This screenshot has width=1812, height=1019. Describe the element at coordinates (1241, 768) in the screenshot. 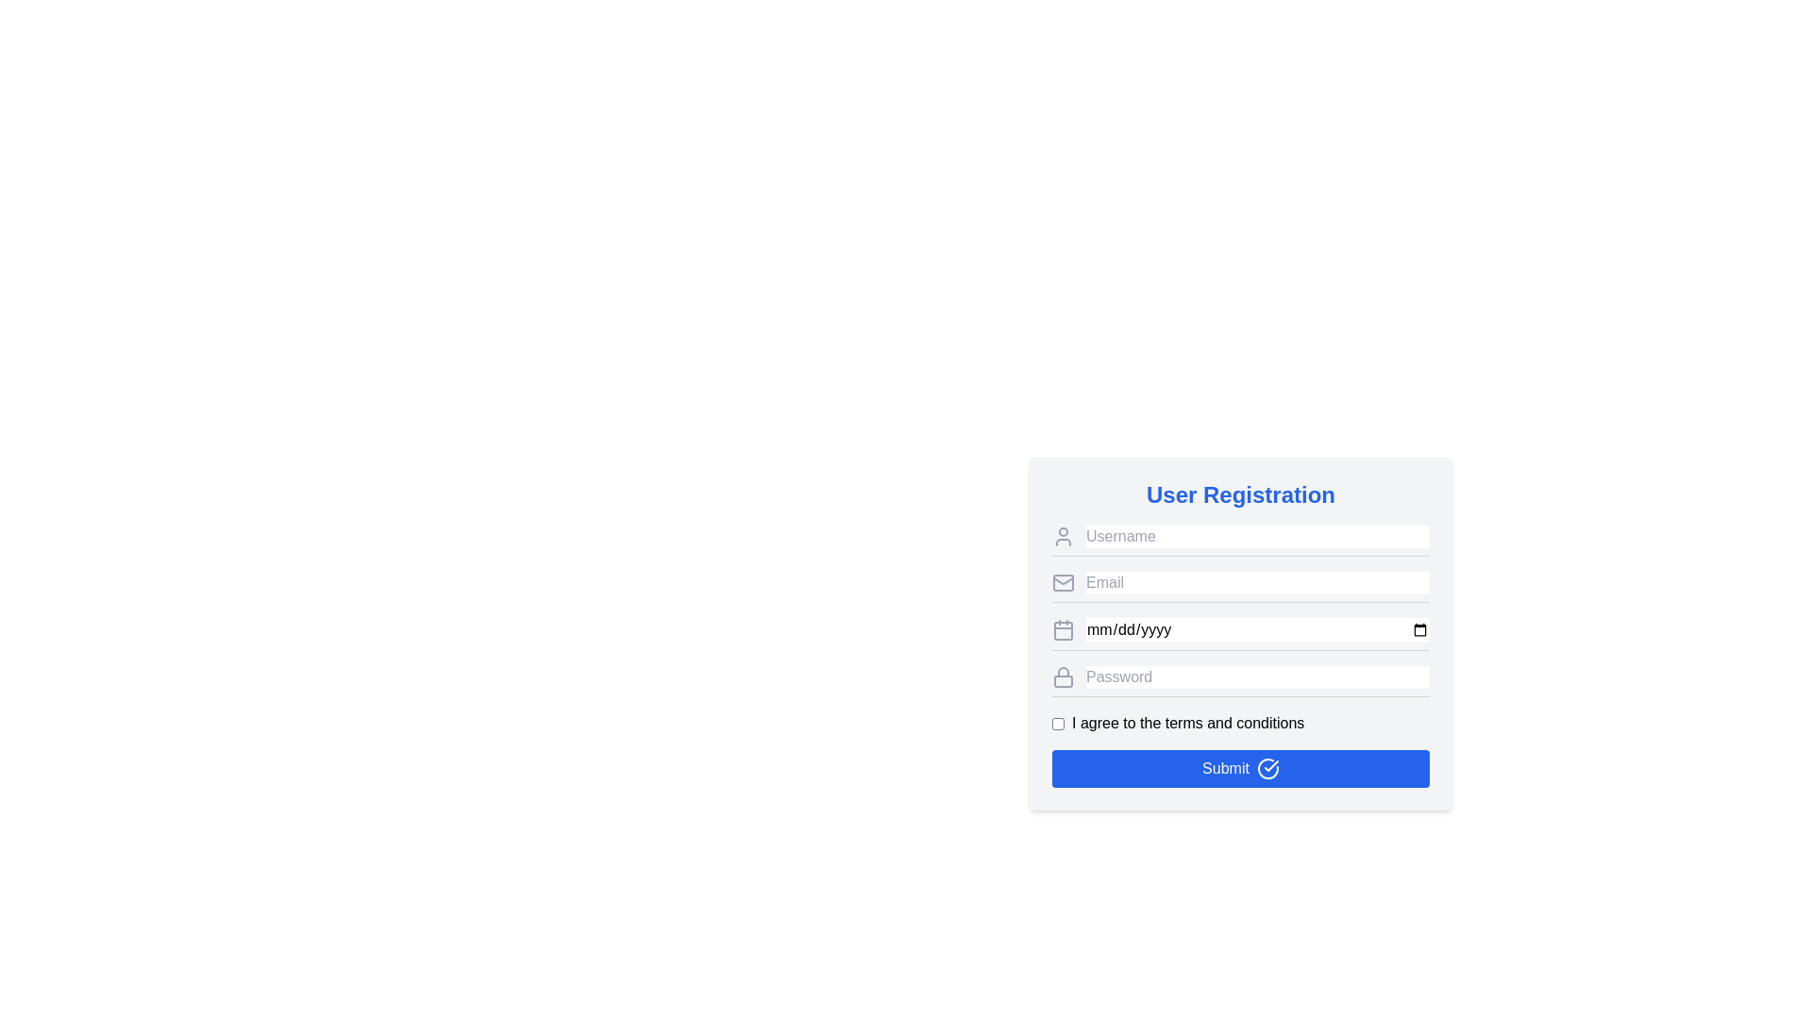

I see `the submit button located at the bottom of the user registration form` at that location.